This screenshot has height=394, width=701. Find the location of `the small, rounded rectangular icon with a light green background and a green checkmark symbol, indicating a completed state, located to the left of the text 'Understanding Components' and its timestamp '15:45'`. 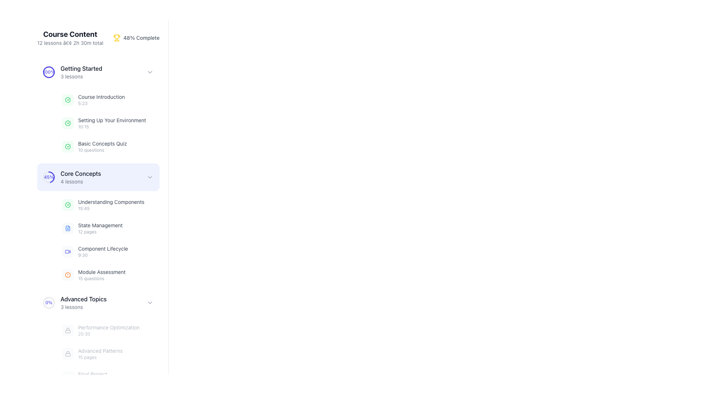

the small, rounded rectangular icon with a light green background and a green checkmark symbol, indicating a completed state, located to the left of the text 'Understanding Components' and its timestamp '15:45' is located at coordinates (68, 205).